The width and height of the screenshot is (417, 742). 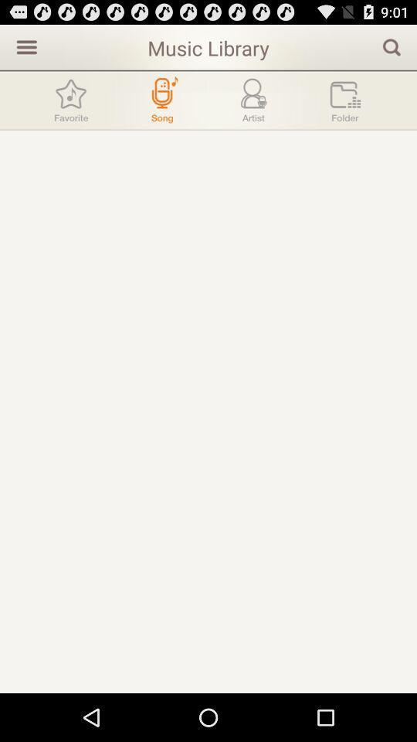 What do you see at coordinates (161, 99) in the screenshot?
I see `see a list of songs` at bounding box center [161, 99].